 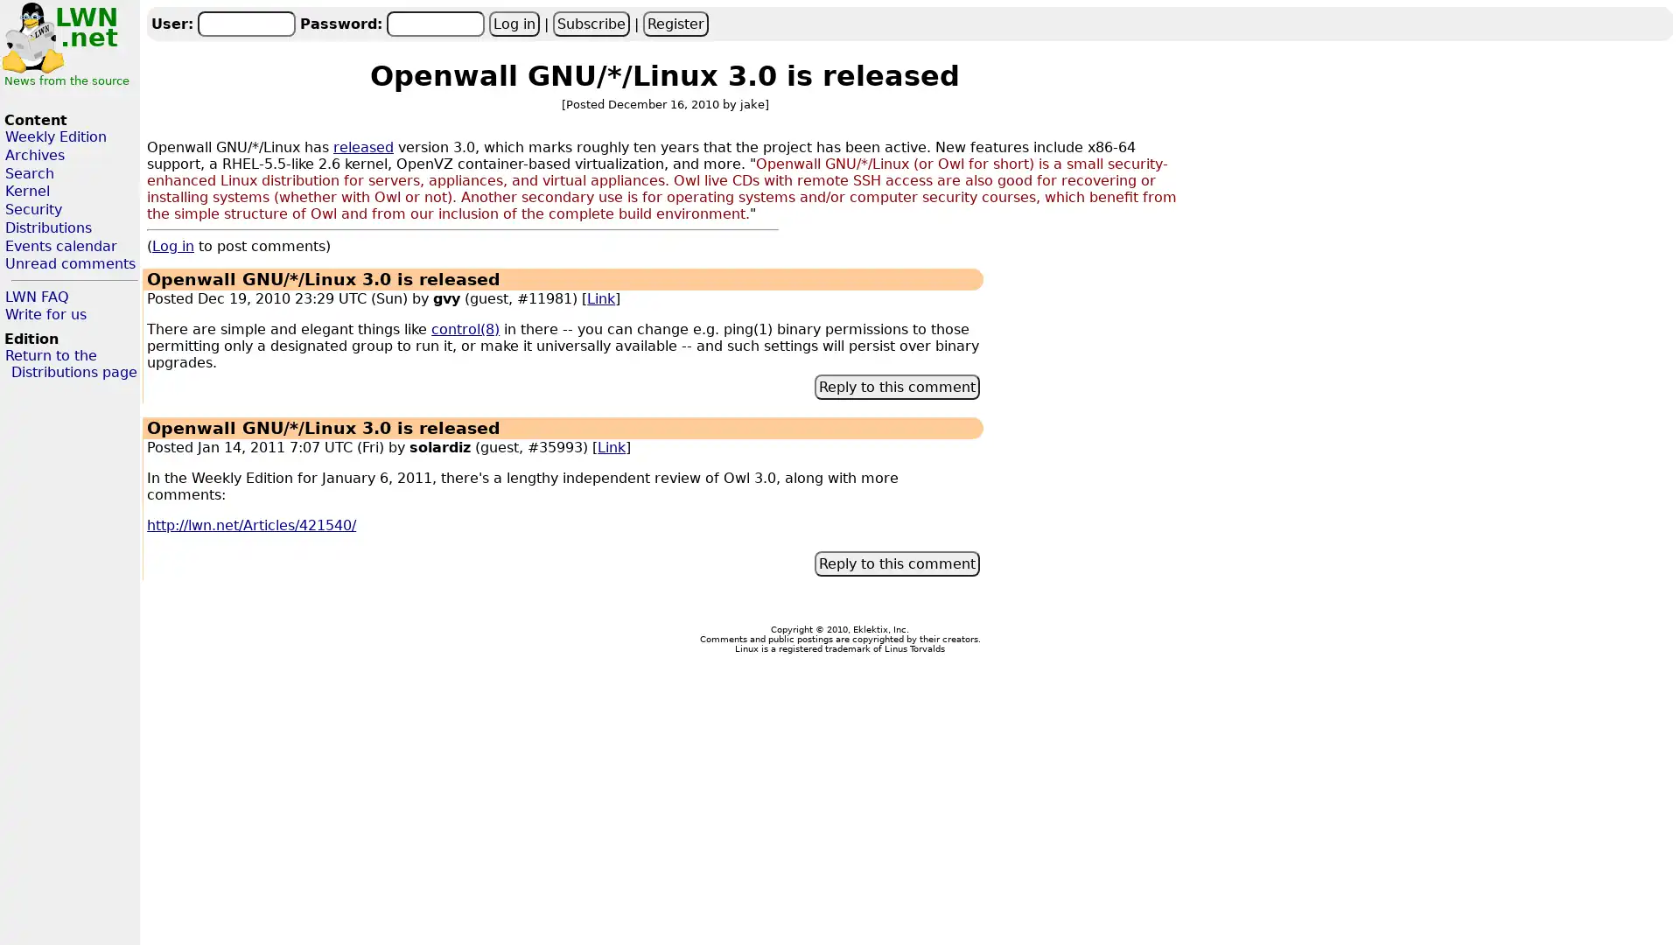 What do you see at coordinates (897, 563) in the screenshot?
I see `Reply to this comment` at bounding box center [897, 563].